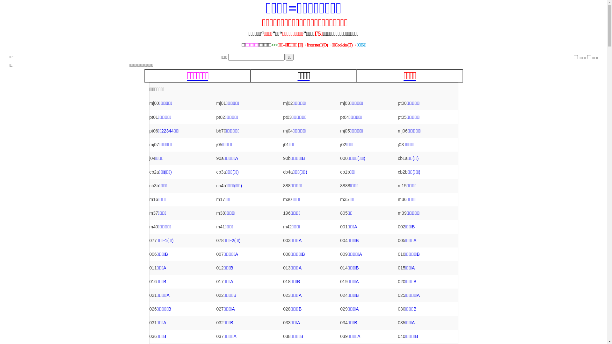 This screenshot has width=612, height=344. What do you see at coordinates (221, 103) in the screenshot?
I see `'mj01'` at bounding box center [221, 103].